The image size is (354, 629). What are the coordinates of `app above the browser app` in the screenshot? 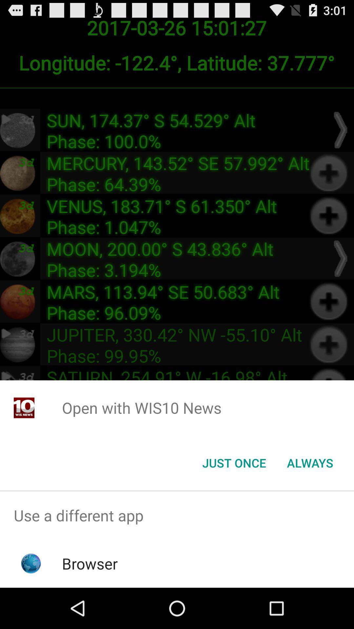 It's located at (177, 515).